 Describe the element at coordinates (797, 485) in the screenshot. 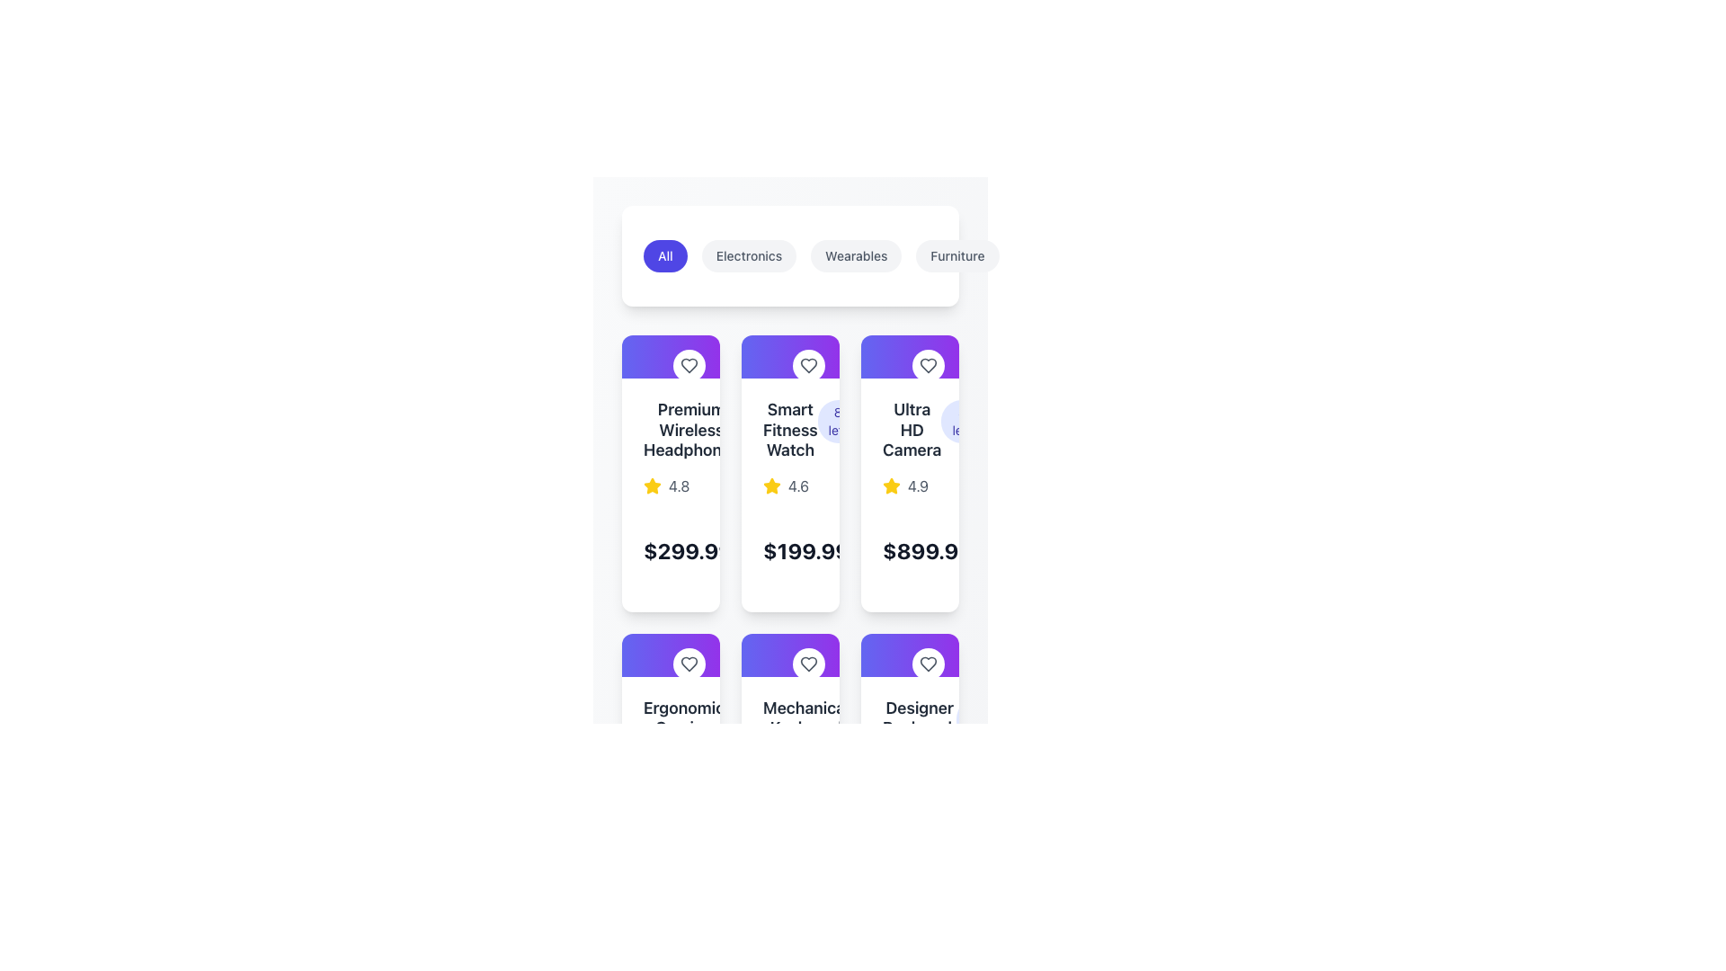

I see `the rating score text element located to the right of the yellow star icon in the second product card` at that location.